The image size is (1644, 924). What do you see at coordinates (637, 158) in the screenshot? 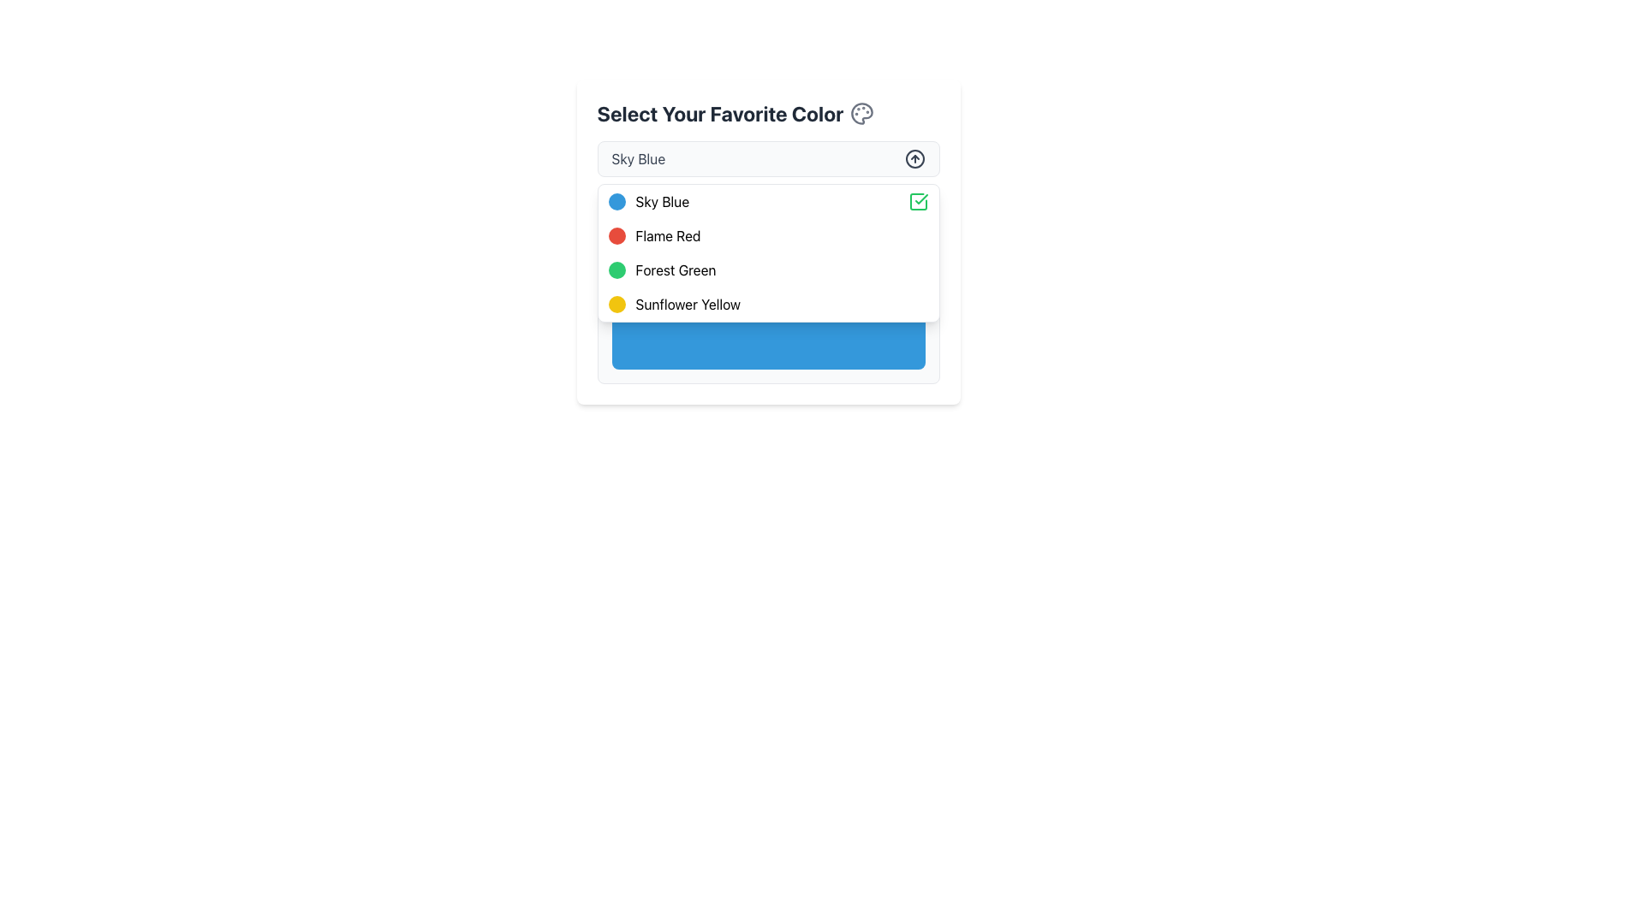
I see `the Text Display that shows the currently selected color choice from the dropdown` at bounding box center [637, 158].